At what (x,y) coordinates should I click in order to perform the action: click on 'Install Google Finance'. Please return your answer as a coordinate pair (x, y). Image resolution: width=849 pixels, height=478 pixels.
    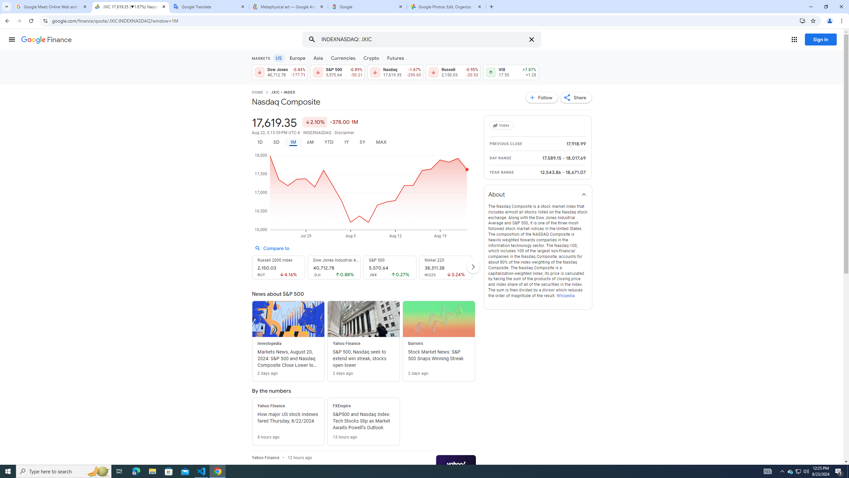
    Looking at the image, I should click on (803, 20).